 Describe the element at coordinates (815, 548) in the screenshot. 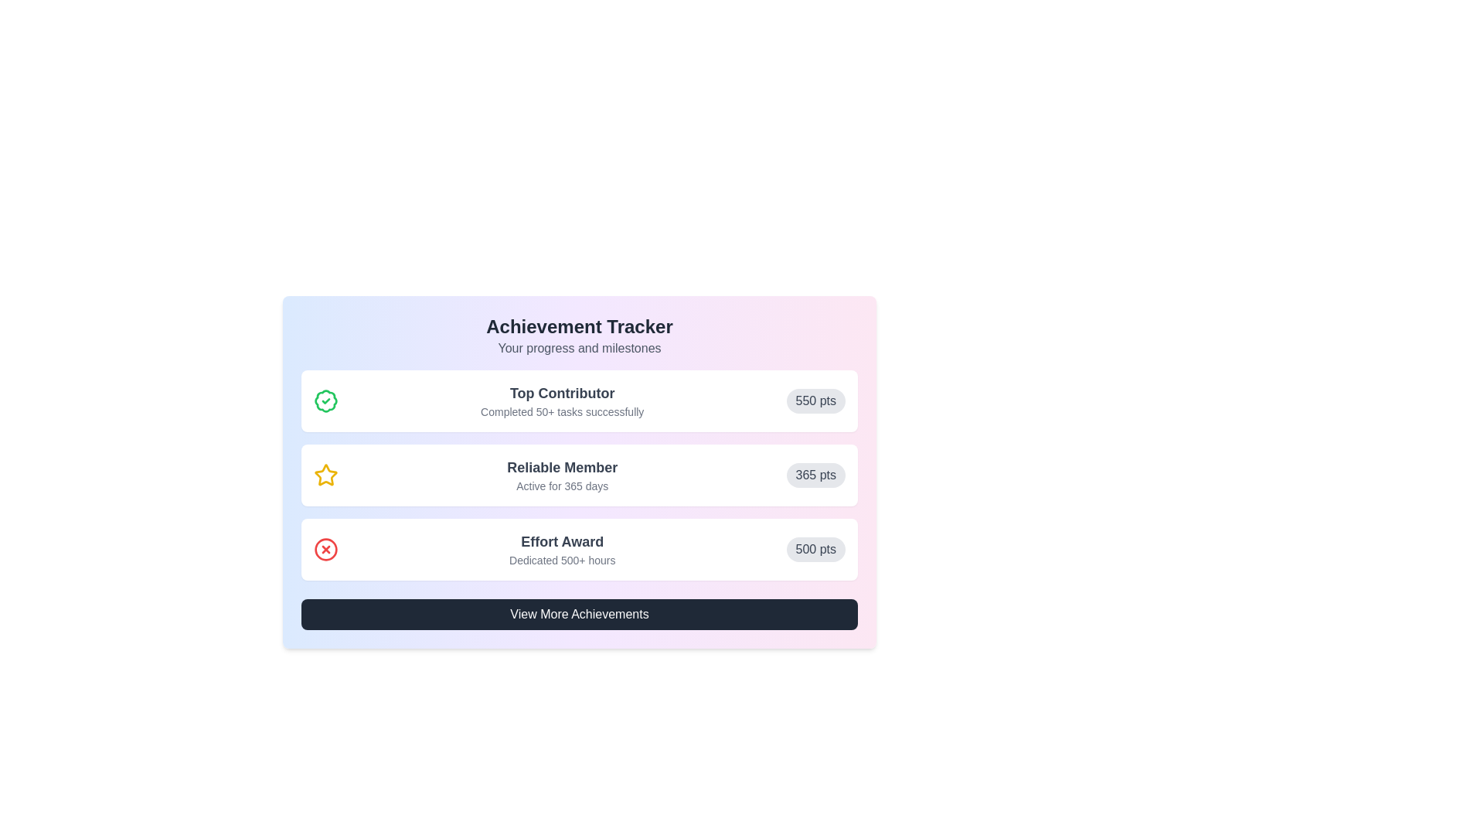

I see `'500 pts' text label, which is a rounded rectangular badge with a light gray background located at the far right end of the 'Effort Award' entry` at that location.